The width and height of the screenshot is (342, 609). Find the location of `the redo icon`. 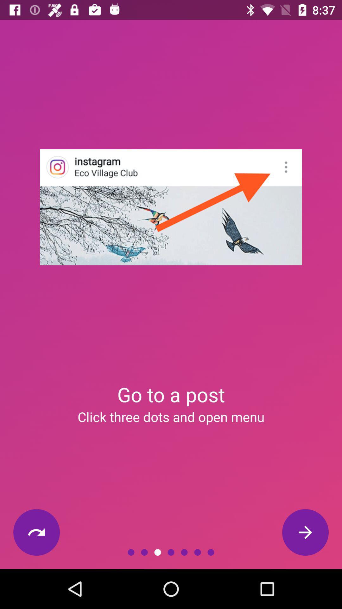

the redo icon is located at coordinates (36, 532).